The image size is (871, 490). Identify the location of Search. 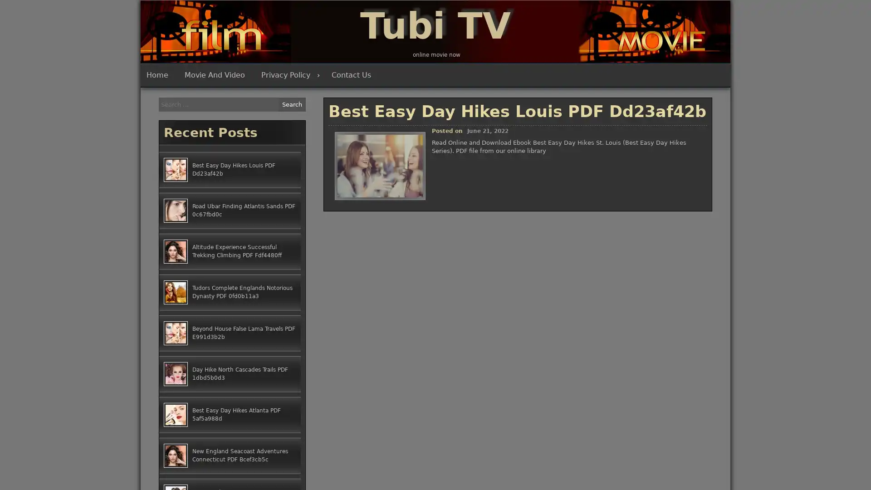
(292, 104).